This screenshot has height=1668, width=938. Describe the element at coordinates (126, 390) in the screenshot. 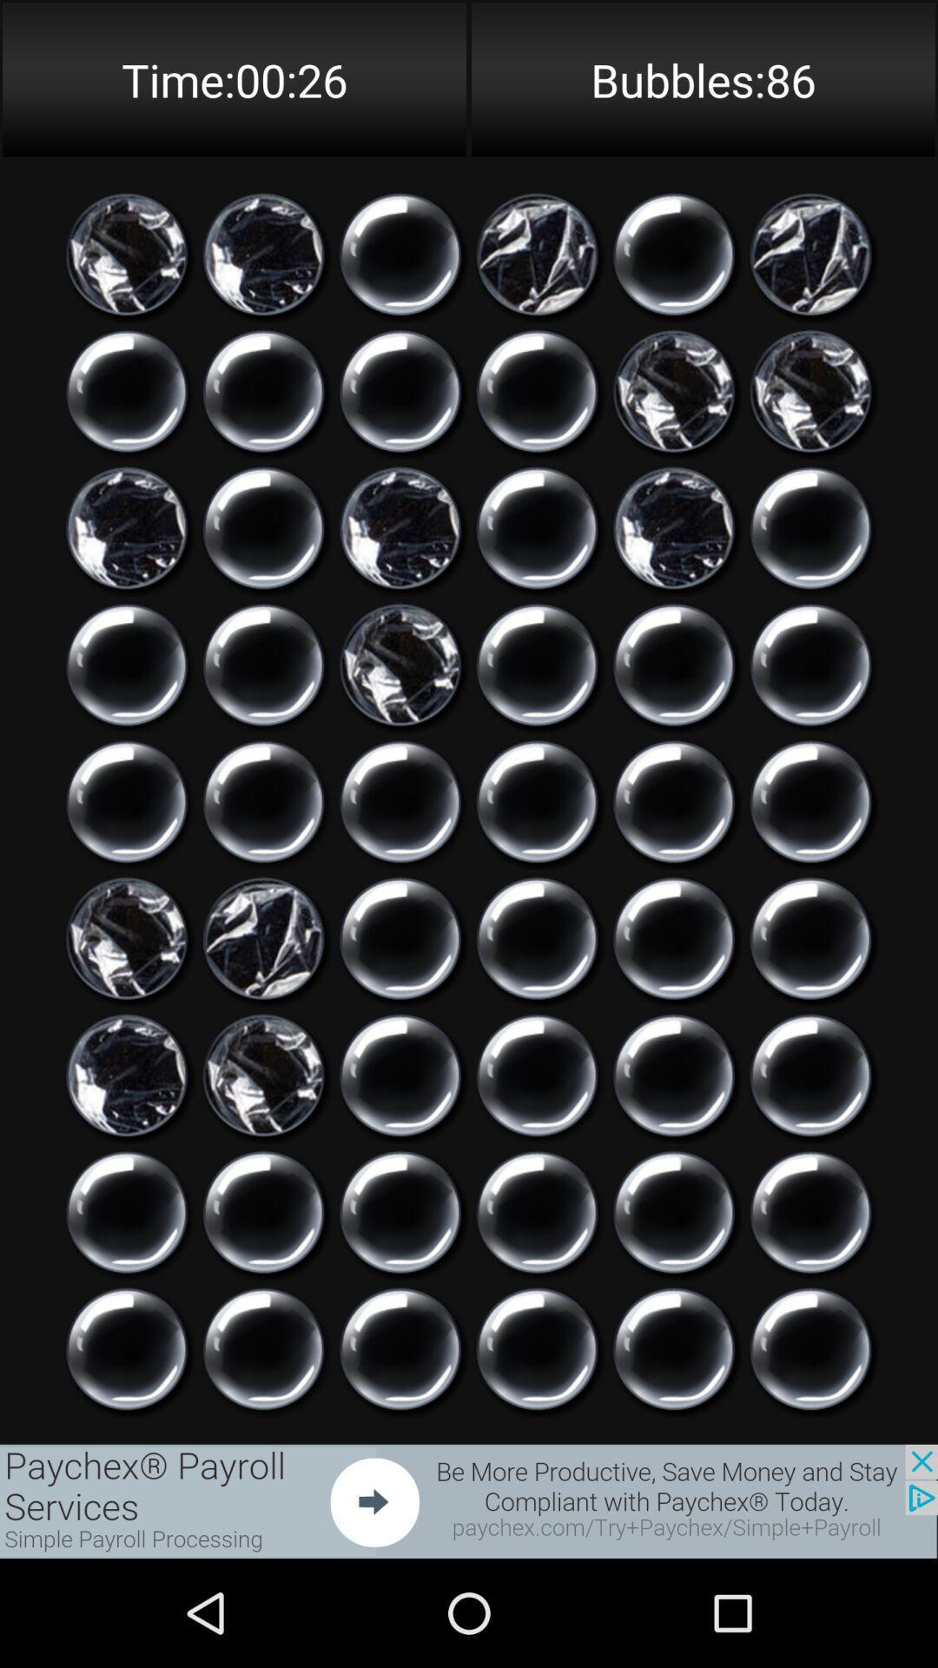

I see `bubble image` at that location.